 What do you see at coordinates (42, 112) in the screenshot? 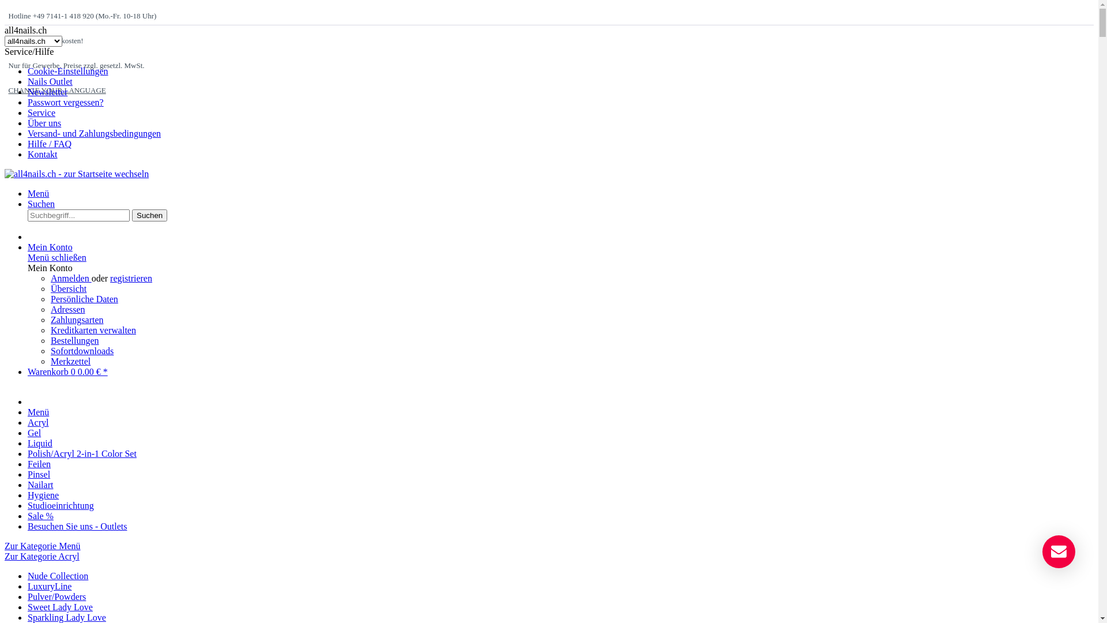
I see `'Service'` at bounding box center [42, 112].